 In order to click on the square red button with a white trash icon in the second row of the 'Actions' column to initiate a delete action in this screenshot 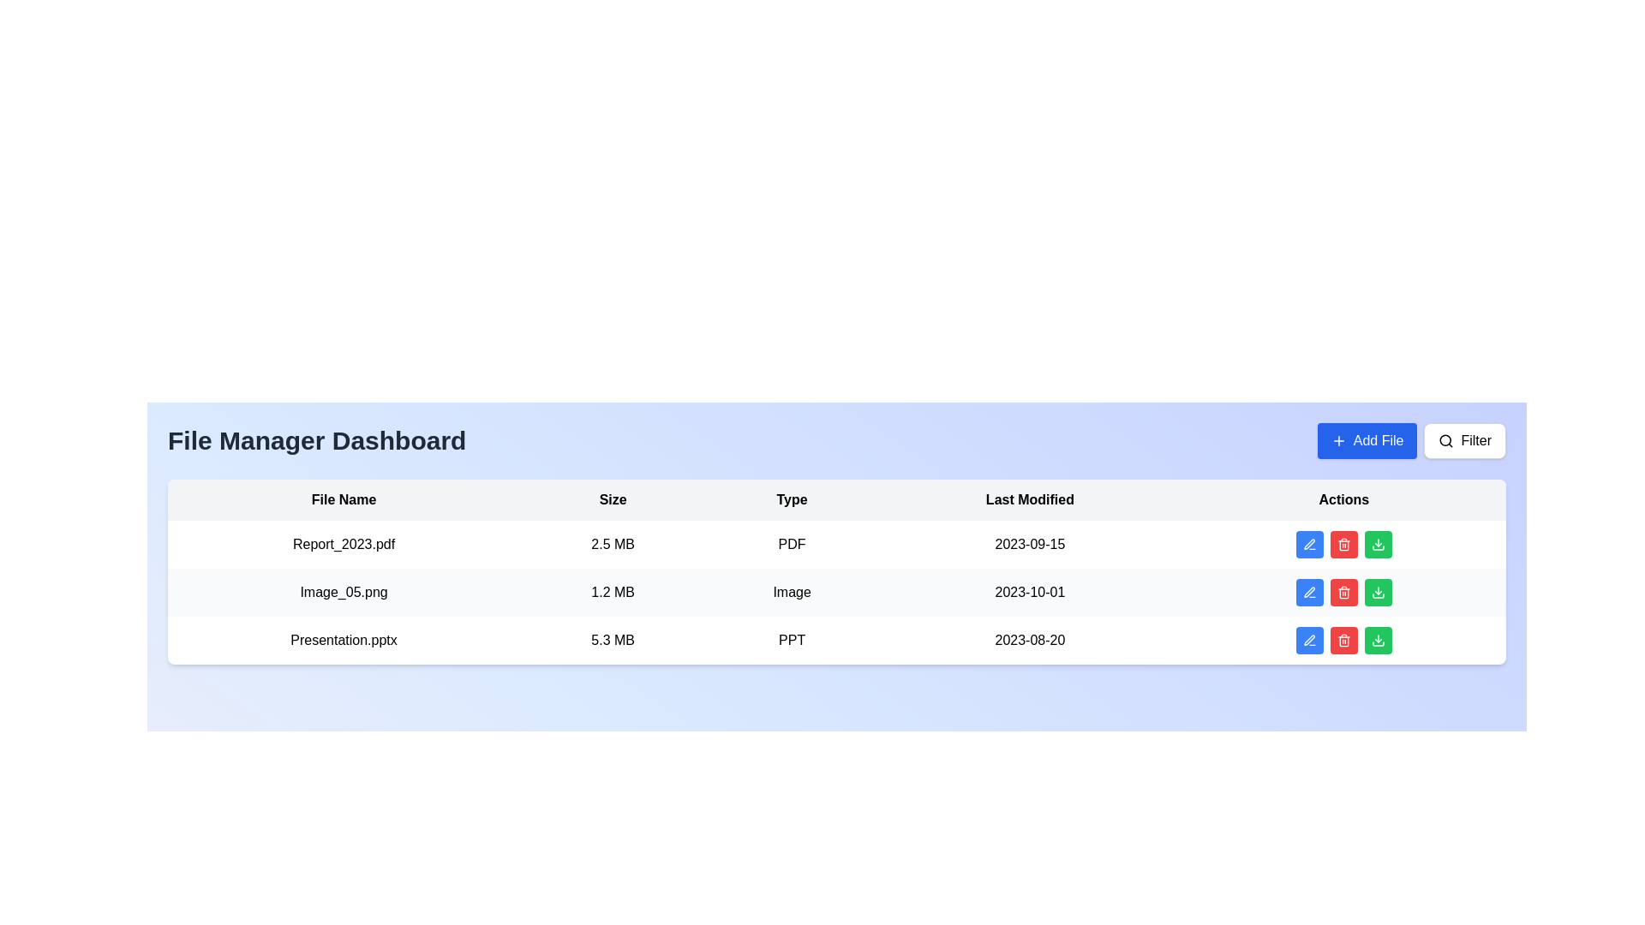, I will do `click(1343, 591)`.